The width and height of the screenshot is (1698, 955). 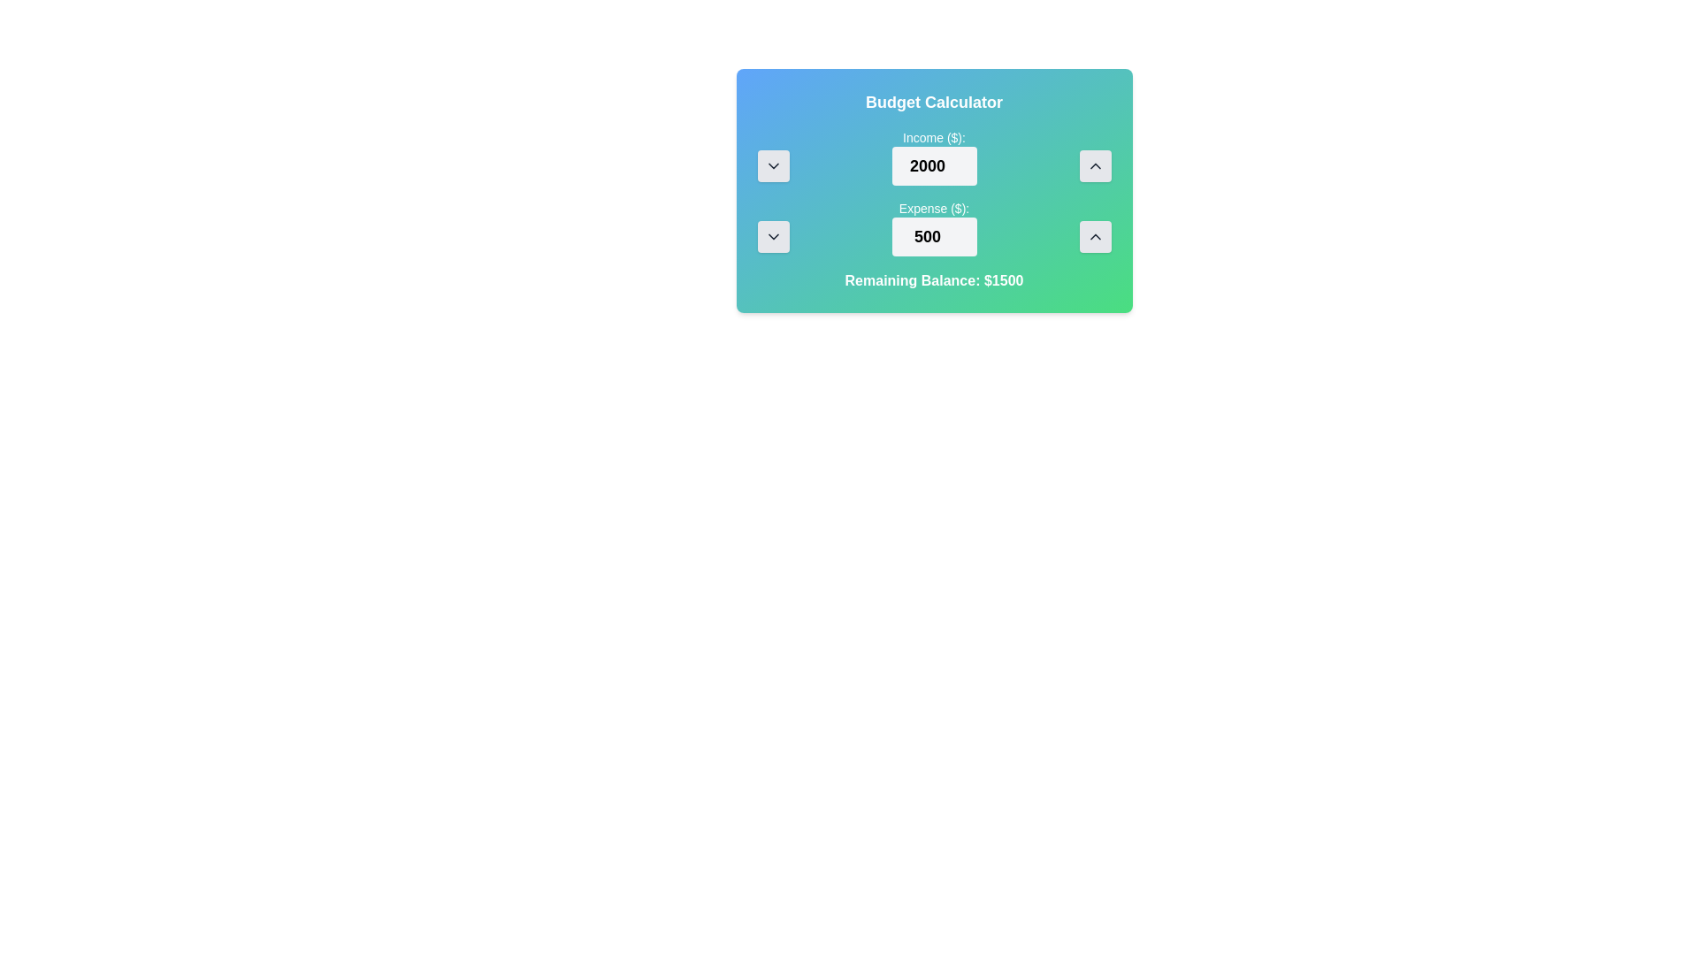 I want to click on the number input field used to specify the income amount in the budget calculator interface, located beneath the label 'Income ($):', so click(x=933, y=166).